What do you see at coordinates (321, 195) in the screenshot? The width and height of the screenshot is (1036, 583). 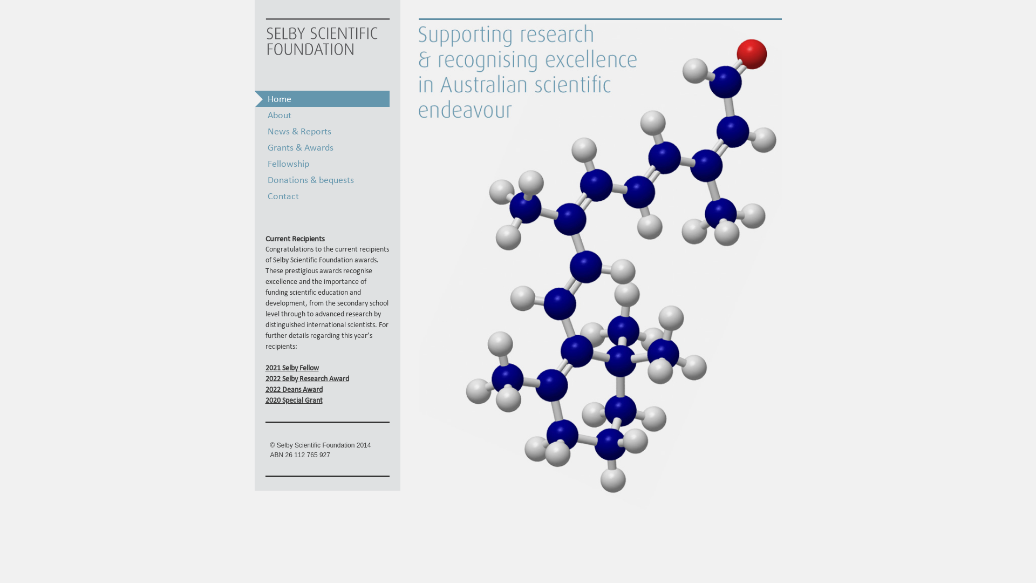 I see `'Contact'` at bounding box center [321, 195].